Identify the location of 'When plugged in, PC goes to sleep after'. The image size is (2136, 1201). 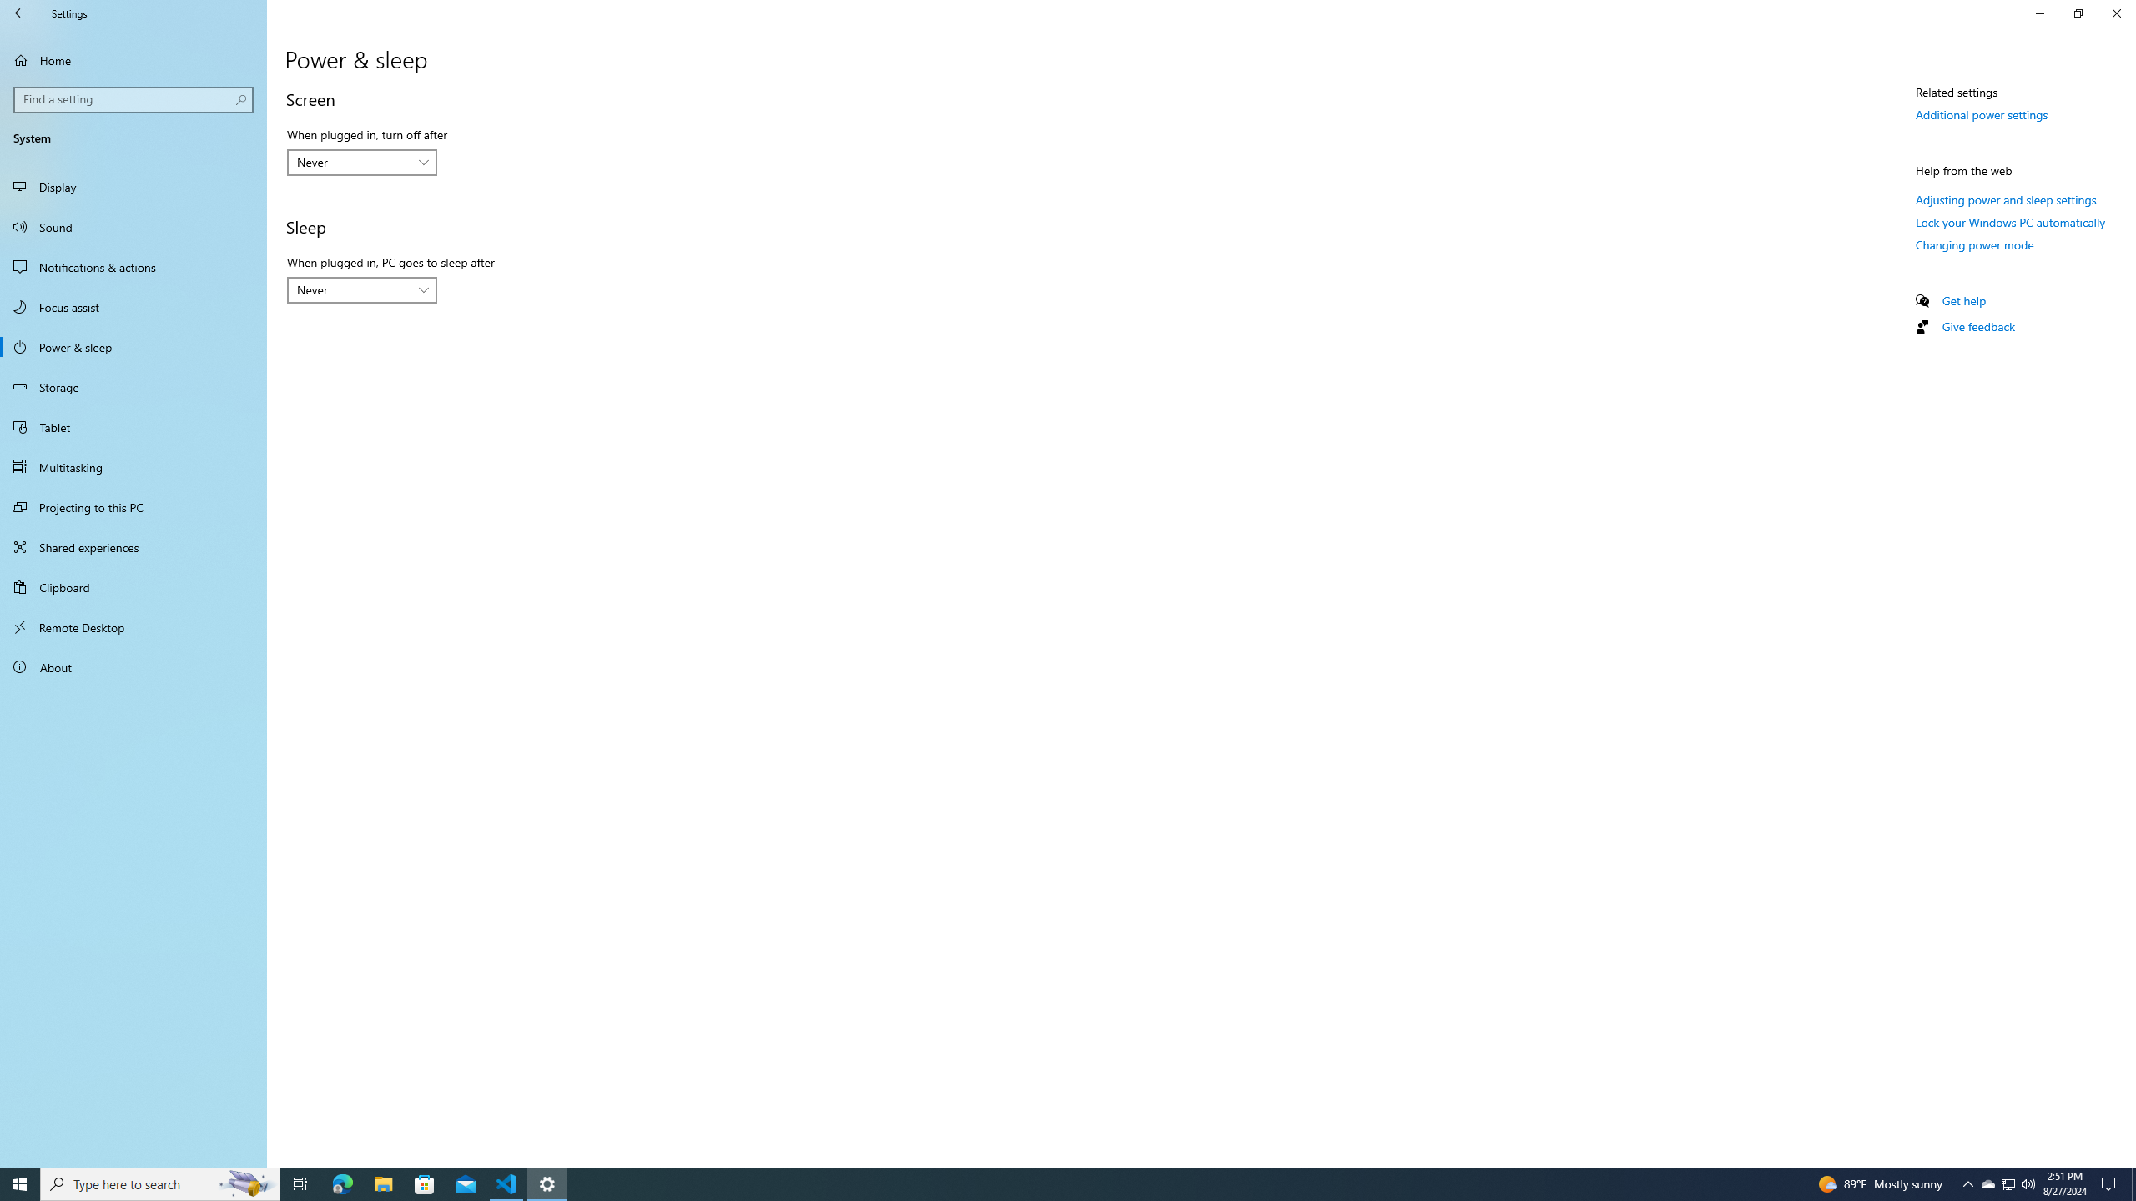
(360, 290).